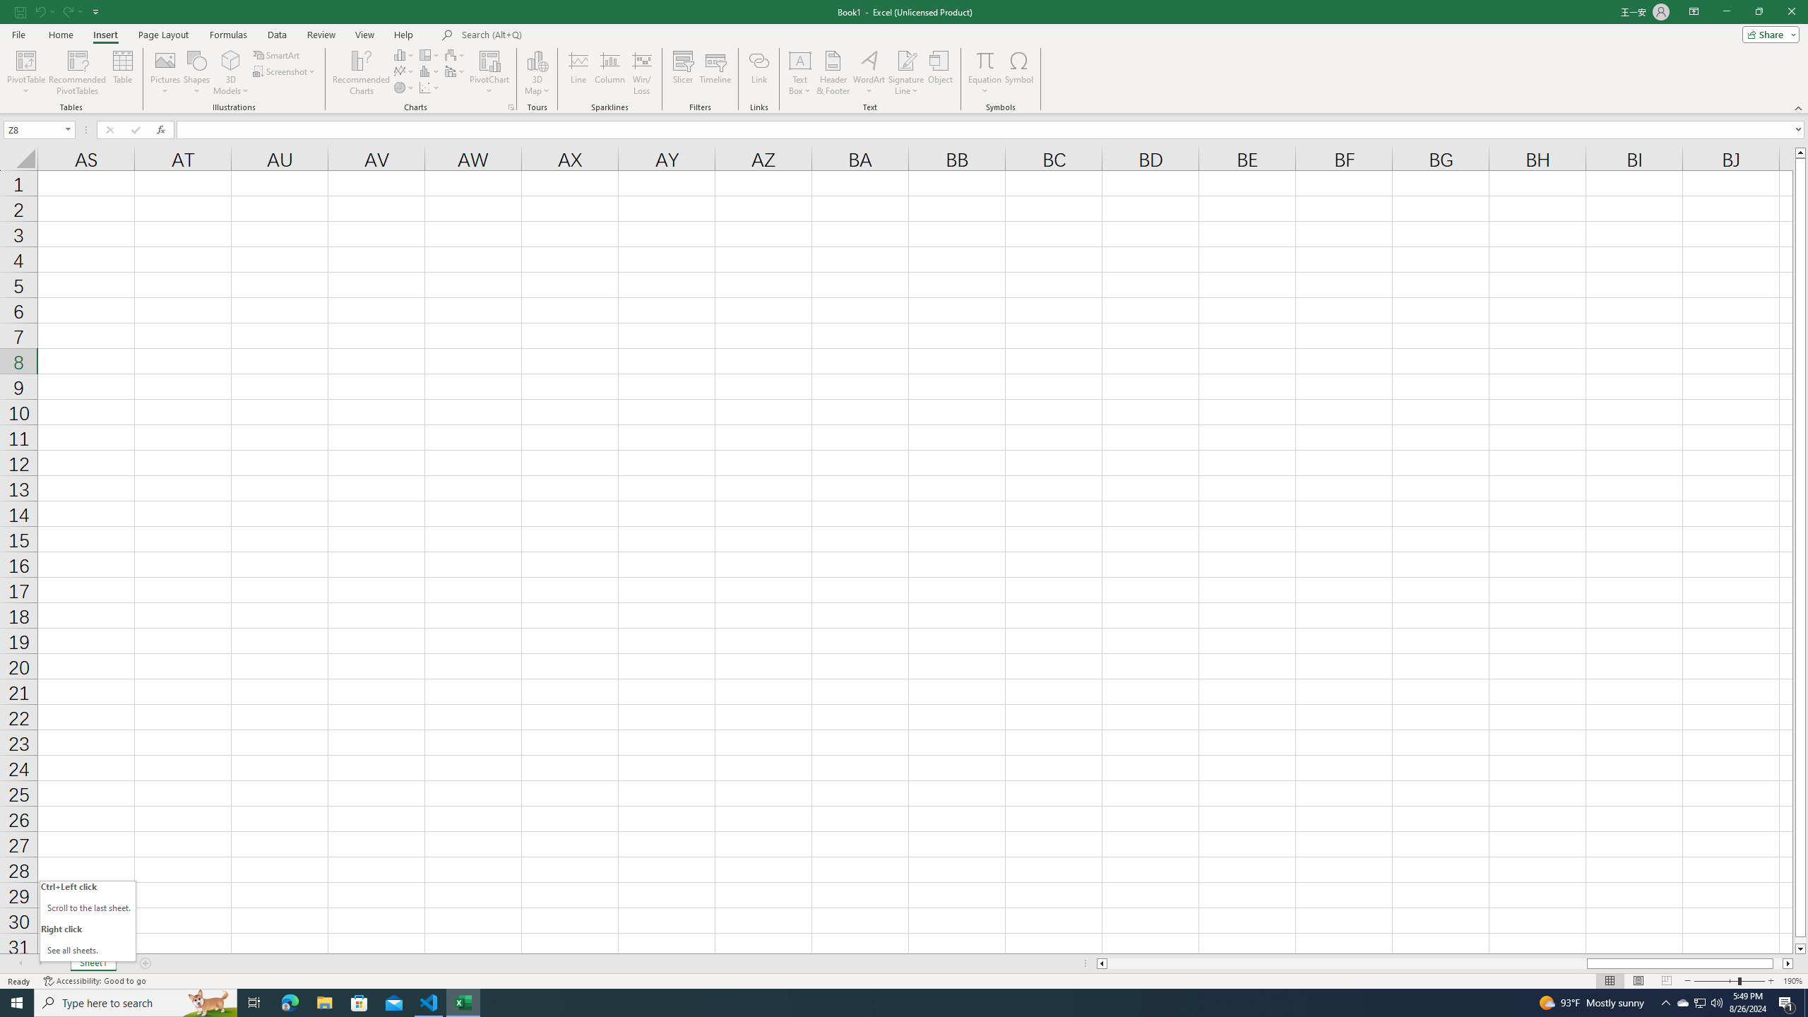 Image resolution: width=1808 pixels, height=1017 pixels. What do you see at coordinates (1728, 981) in the screenshot?
I see `'Zoom'` at bounding box center [1728, 981].